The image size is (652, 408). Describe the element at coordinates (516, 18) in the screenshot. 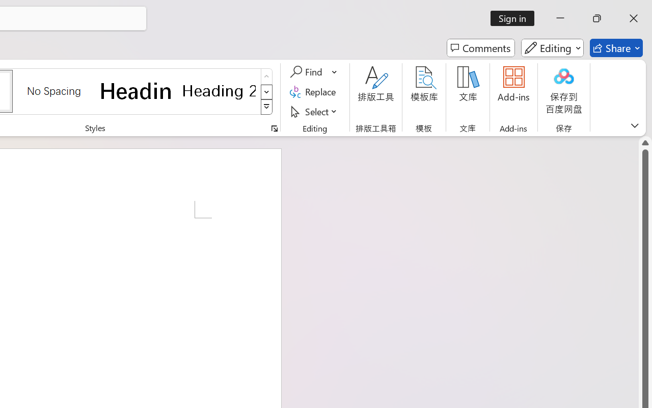

I see `'Sign in'` at that location.